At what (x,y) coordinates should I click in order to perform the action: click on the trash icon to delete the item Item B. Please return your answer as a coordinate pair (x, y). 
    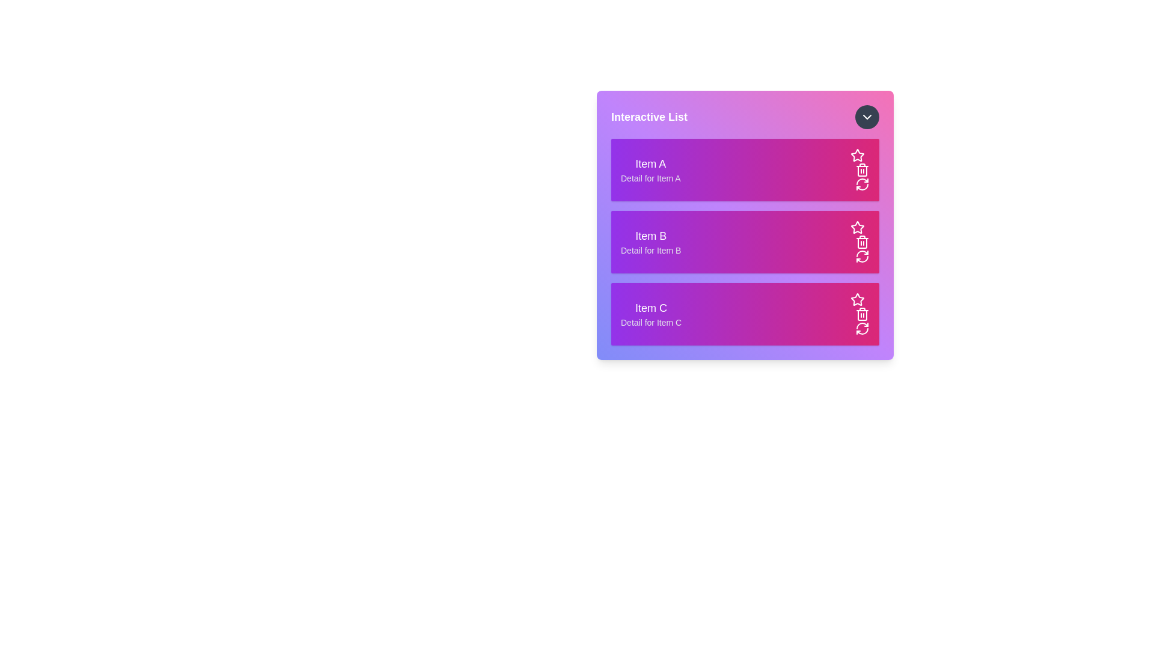
    Looking at the image, I should click on (862, 242).